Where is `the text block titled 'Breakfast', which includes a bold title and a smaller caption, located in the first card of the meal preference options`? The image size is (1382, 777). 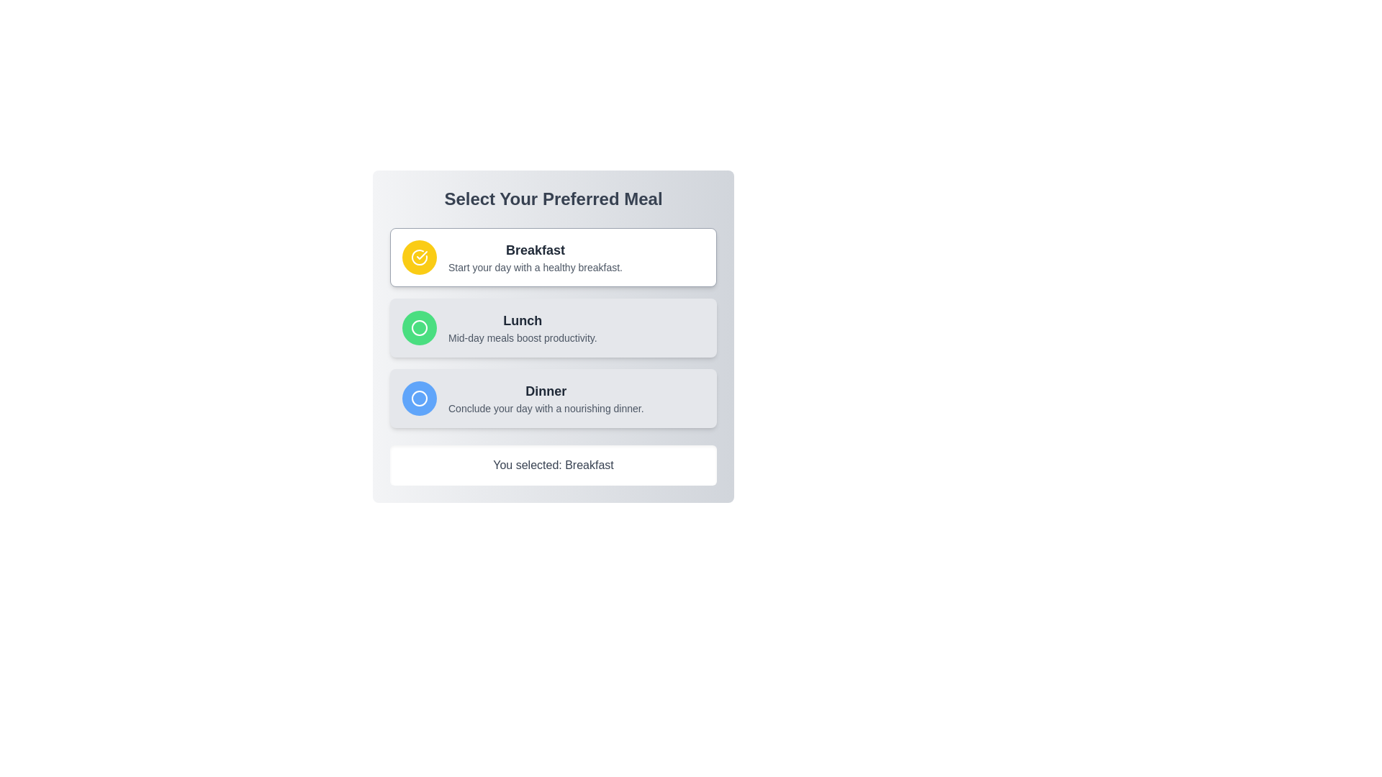 the text block titled 'Breakfast', which includes a bold title and a smaller caption, located in the first card of the meal preference options is located at coordinates (535, 257).